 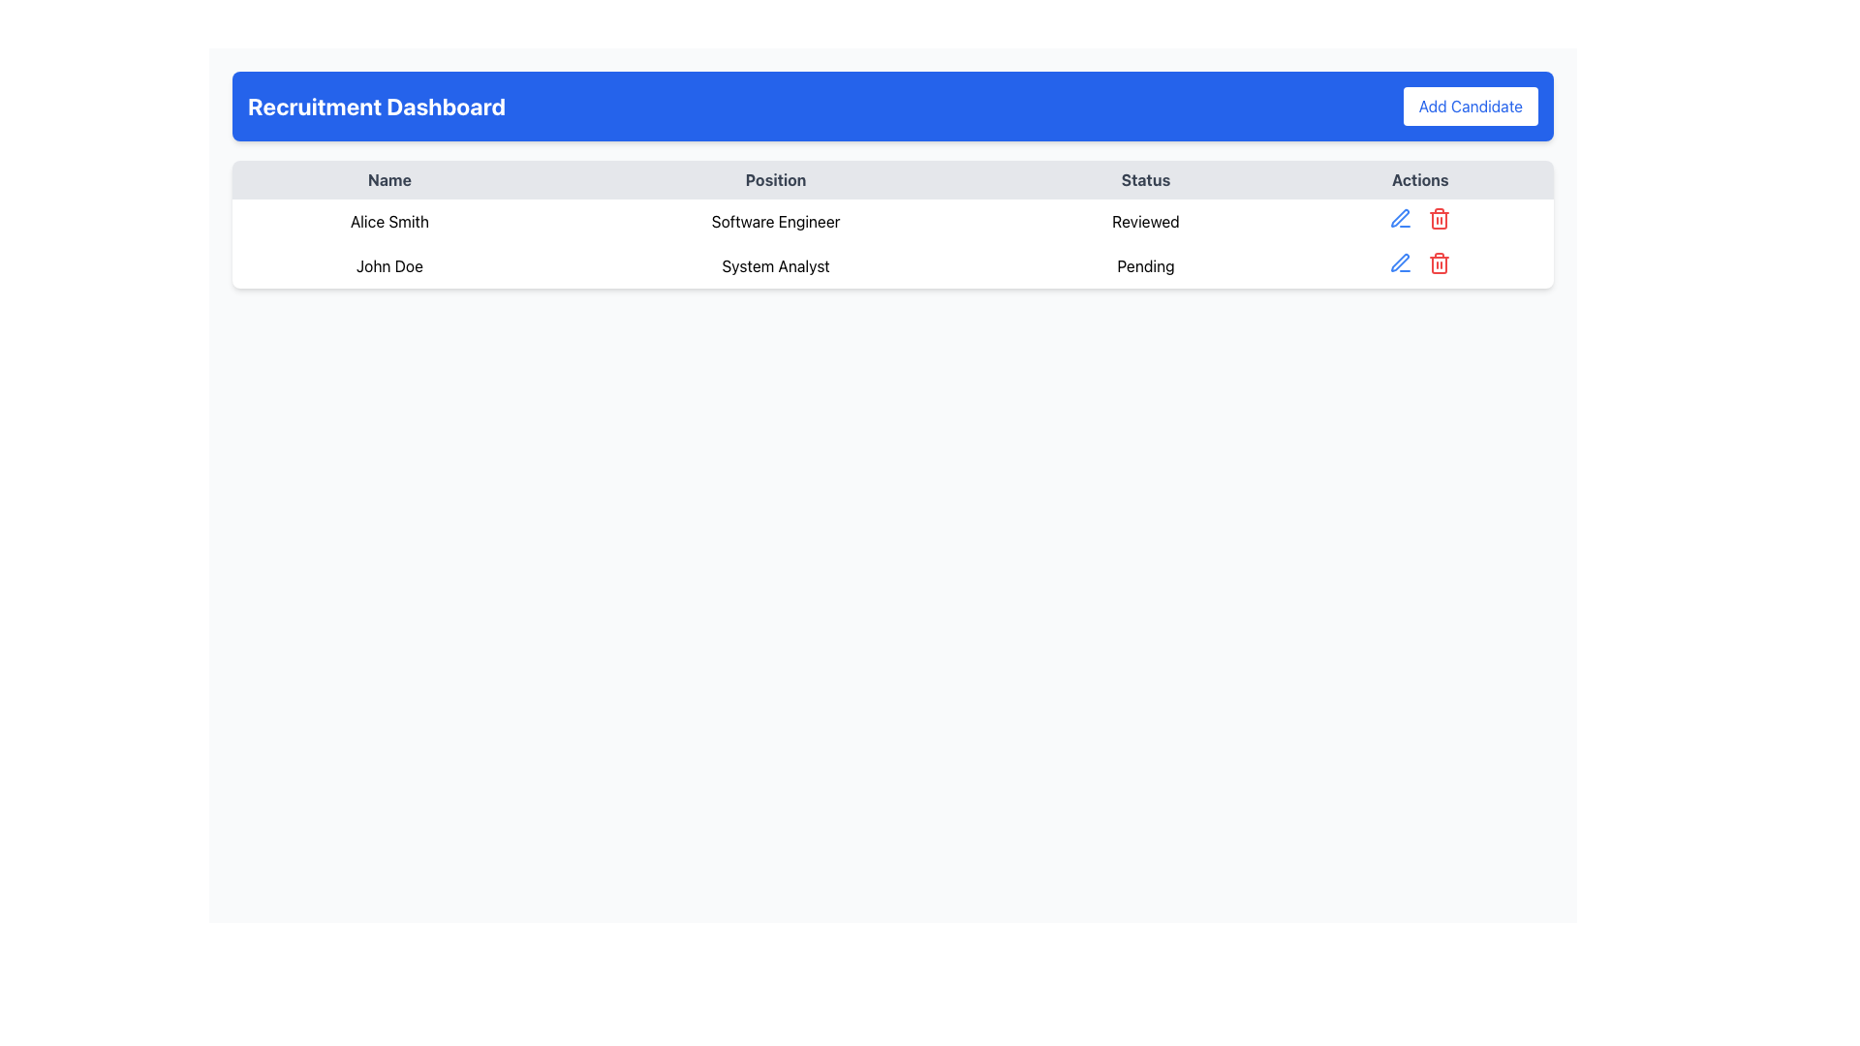 I want to click on the delete button icon located to the right of the blue pen icon in the second row of the table, which corresponds to the record of 'John Doe', a System Analyst, so click(x=1440, y=263).